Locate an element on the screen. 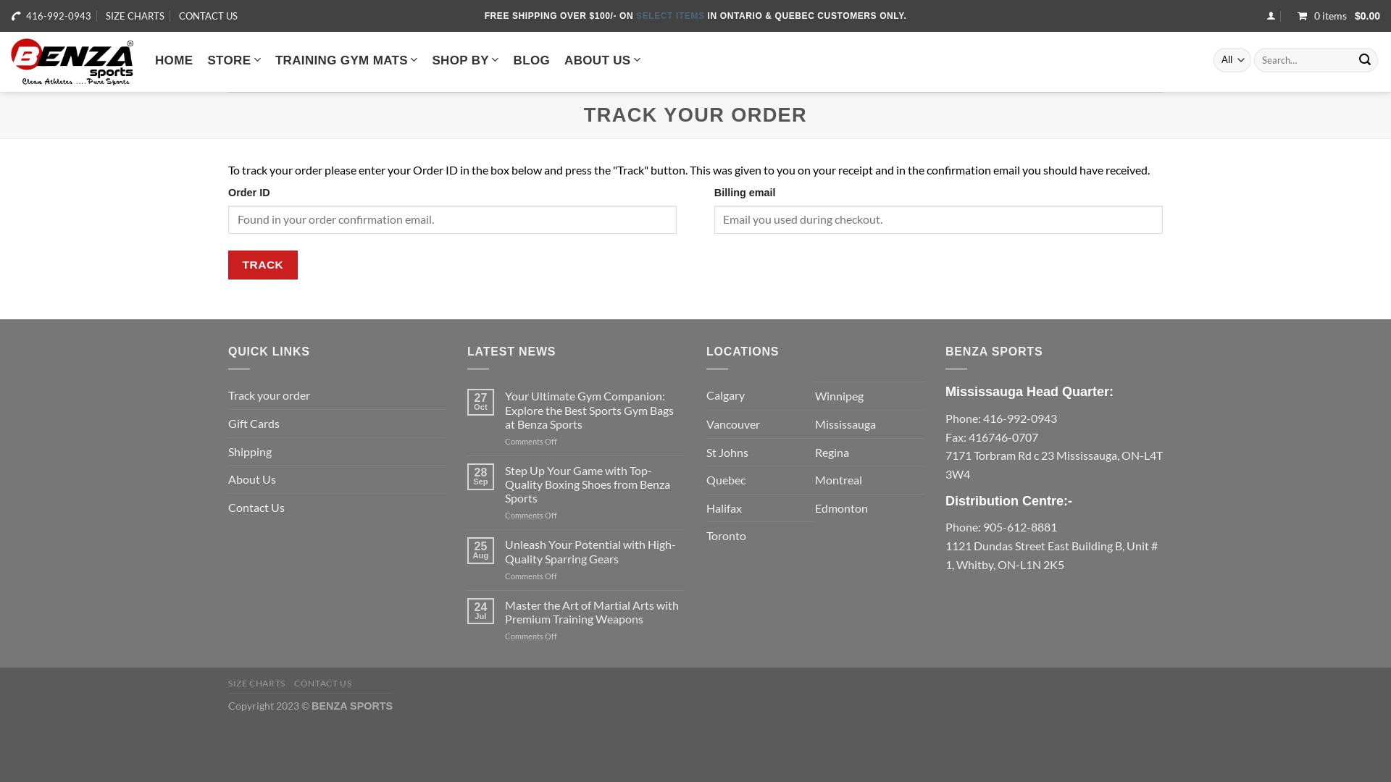 This screenshot has width=1391, height=782. 'SIZE CHARTS' is located at coordinates (135, 16).